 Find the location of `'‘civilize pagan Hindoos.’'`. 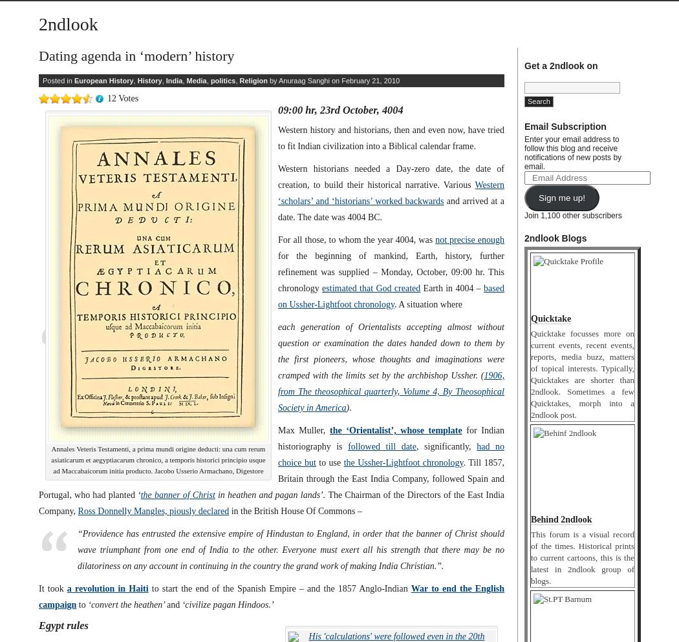

'‘civilize pagan Hindoos.’' is located at coordinates (226, 605).